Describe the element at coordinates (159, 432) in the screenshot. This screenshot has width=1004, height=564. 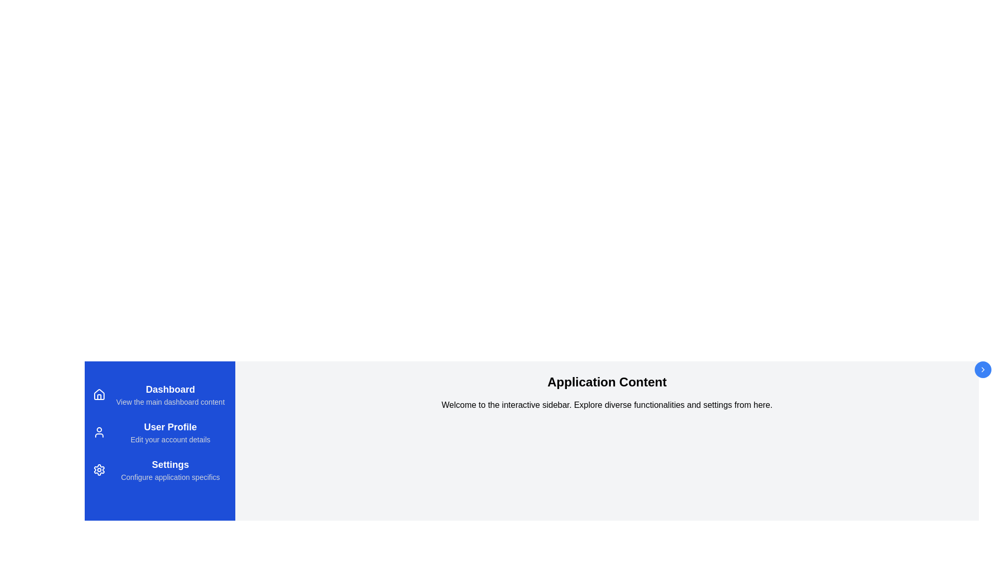
I see `the menu item to navigate to User Profile` at that location.